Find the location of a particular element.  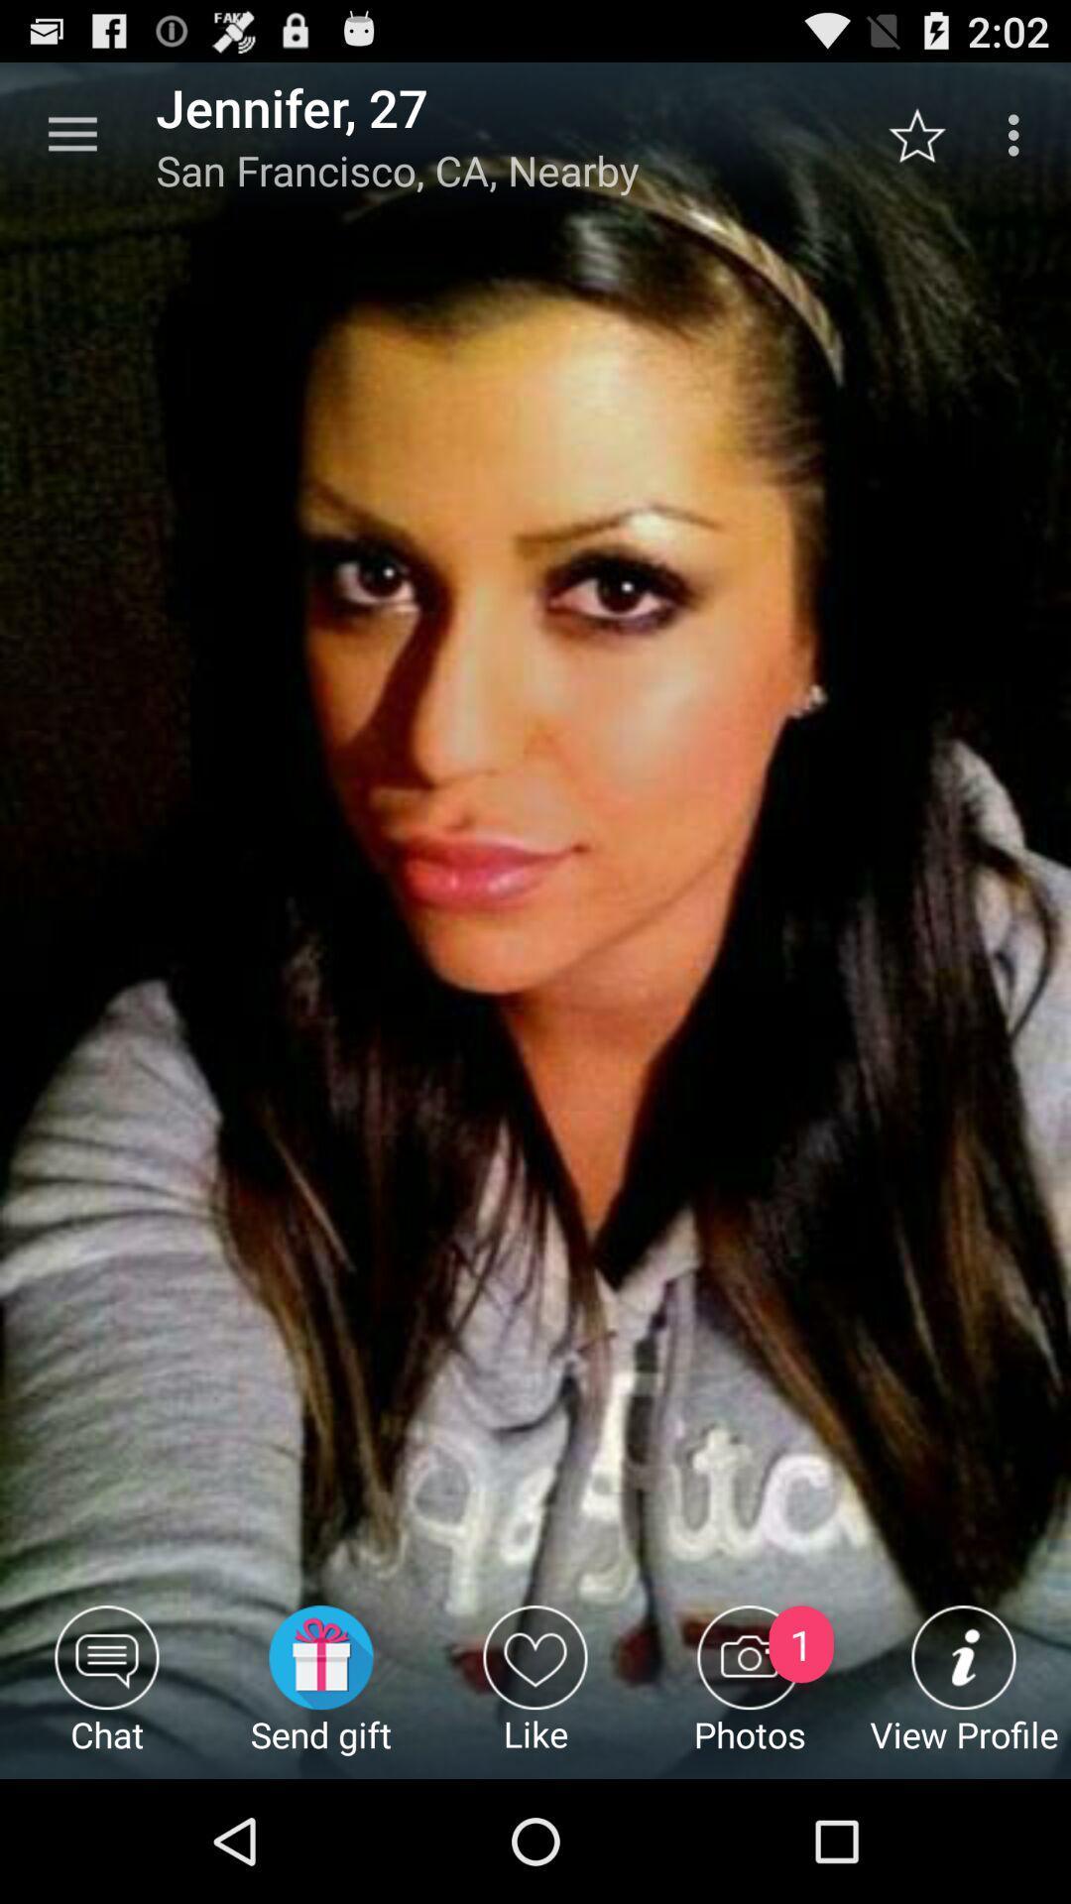

icon to the right of the chat item is located at coordinates (320, 1691).